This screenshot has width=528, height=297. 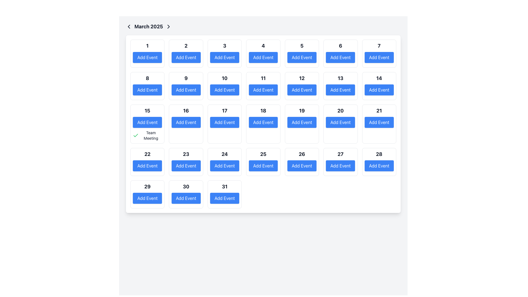 What do you see at coordinates (340, 54) in the screenshot?
I see `the 'Add Event' button located in the calendar cell displaying the number '6'` at bounding box center [340, 54].